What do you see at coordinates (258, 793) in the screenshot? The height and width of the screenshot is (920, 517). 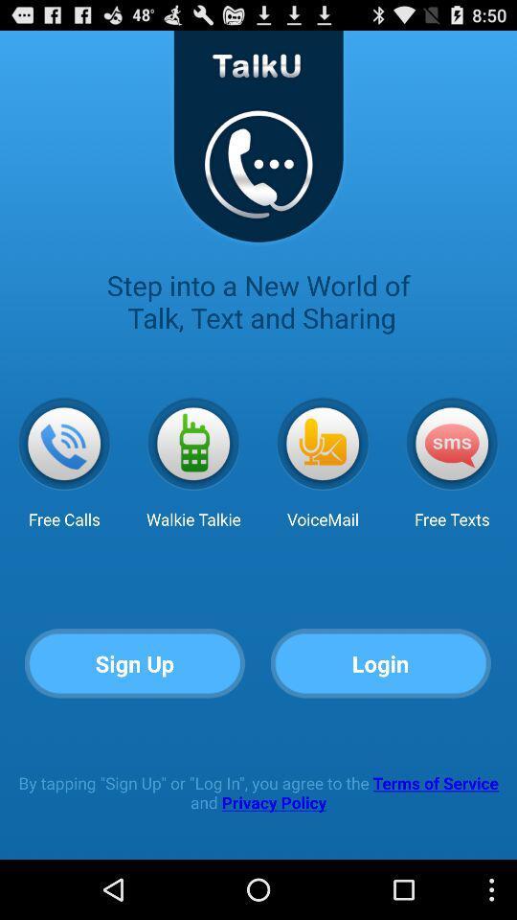 I see `by tapping sign` at bounding box center [258, 793].